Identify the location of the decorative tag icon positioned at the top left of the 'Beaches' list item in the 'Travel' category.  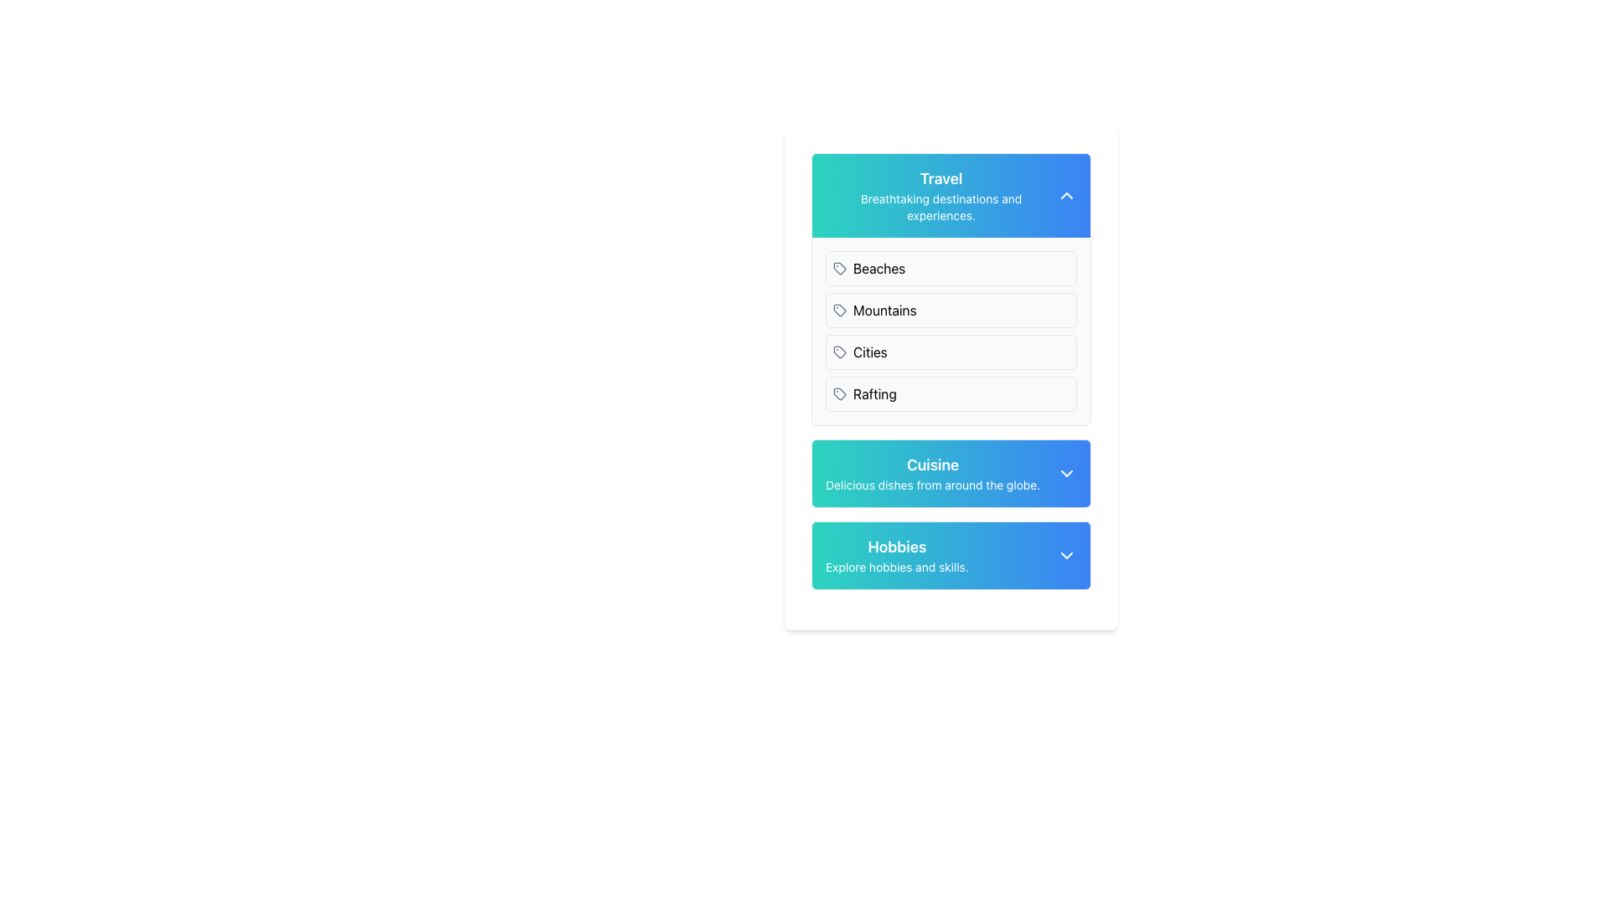
(840, 267).